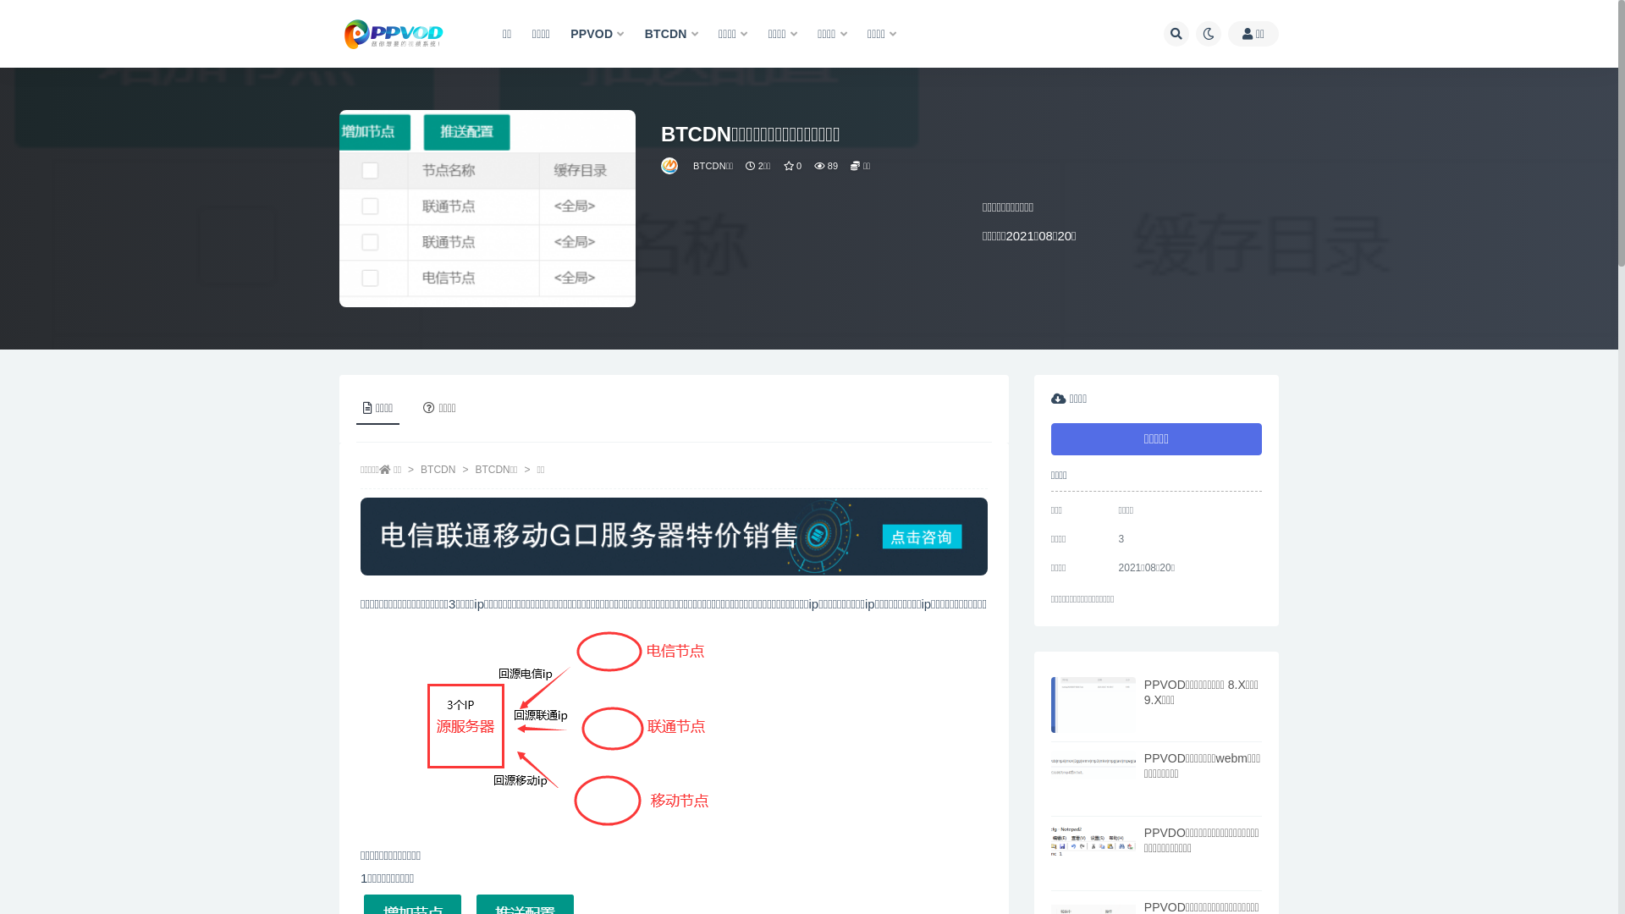  I want to click on 'PPVOD', so click(597, 34).